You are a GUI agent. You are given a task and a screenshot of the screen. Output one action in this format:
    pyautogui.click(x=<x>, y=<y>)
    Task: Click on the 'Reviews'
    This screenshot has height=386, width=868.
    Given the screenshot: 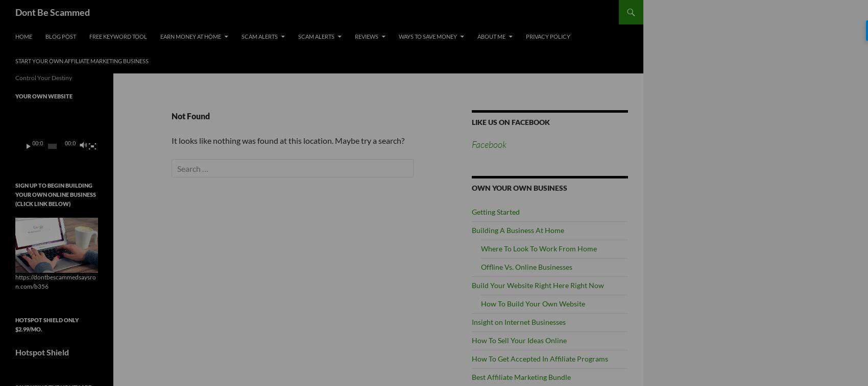 What is the action you would take?
    pyautogui.click(x=367, y=36)
    